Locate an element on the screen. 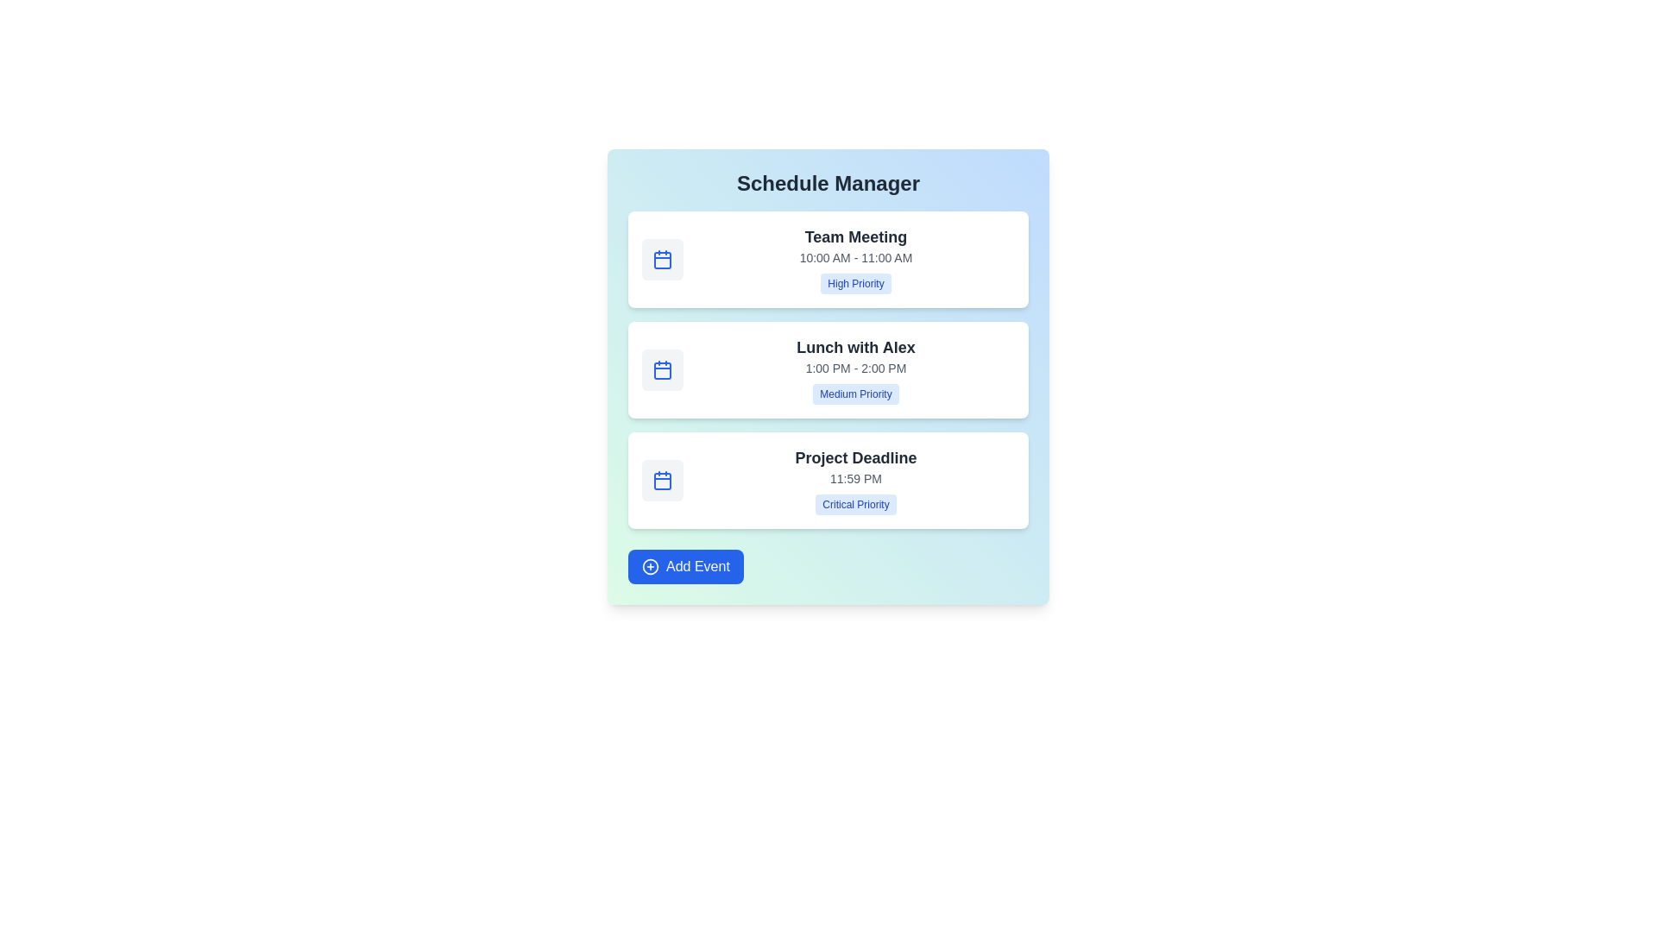  the priority label Critical Priority to focus on it is located at coordinates (856, 505).